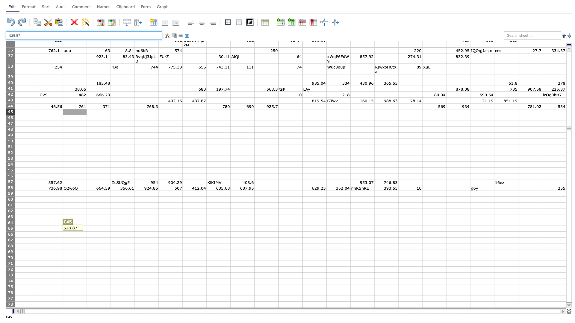 The image size is (575, 323). I want to click on Lower right of J65, so click(254, 231).